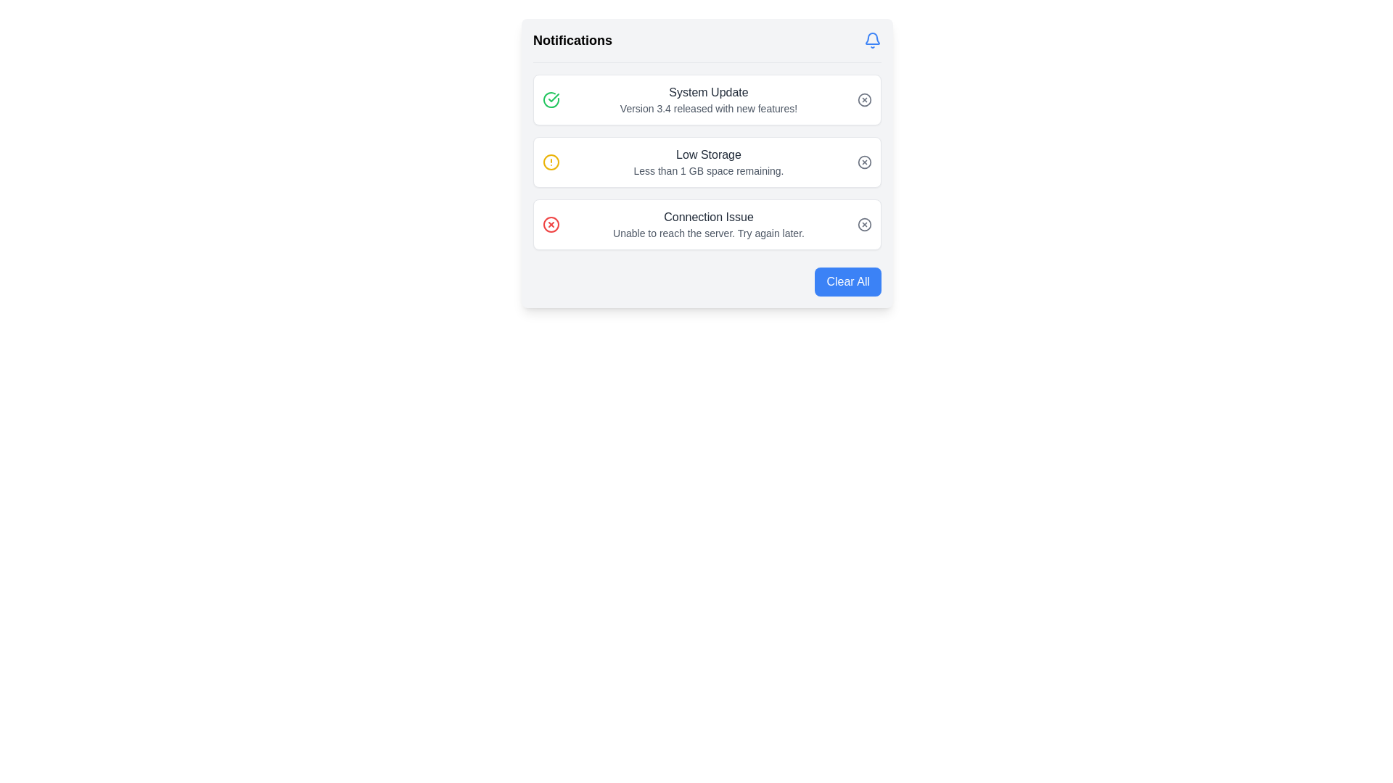  Describe the element at coordinates (709, 99) in the screenshot. I see `the text component titled 'System Update' which contains the description 'Version 3.4 released with new features!' in the notification box` at that location.